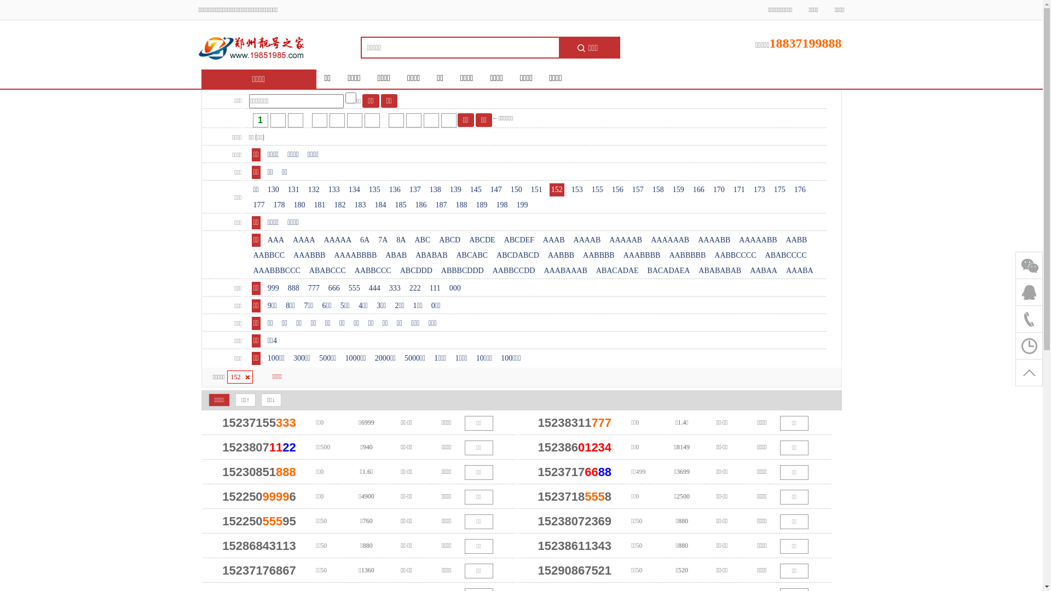 The height and width of the screenshot is (591, 1051). I want to click on 'ABCDDD', so click(415, 270).